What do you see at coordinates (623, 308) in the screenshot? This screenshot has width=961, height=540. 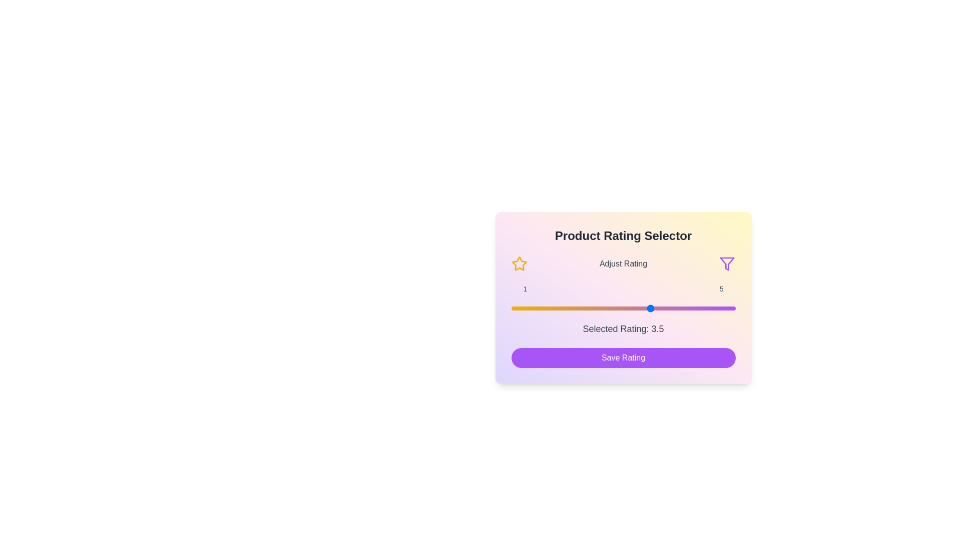 I see `the rating slider to set the rating to 3` at bounding box center [623, 308].